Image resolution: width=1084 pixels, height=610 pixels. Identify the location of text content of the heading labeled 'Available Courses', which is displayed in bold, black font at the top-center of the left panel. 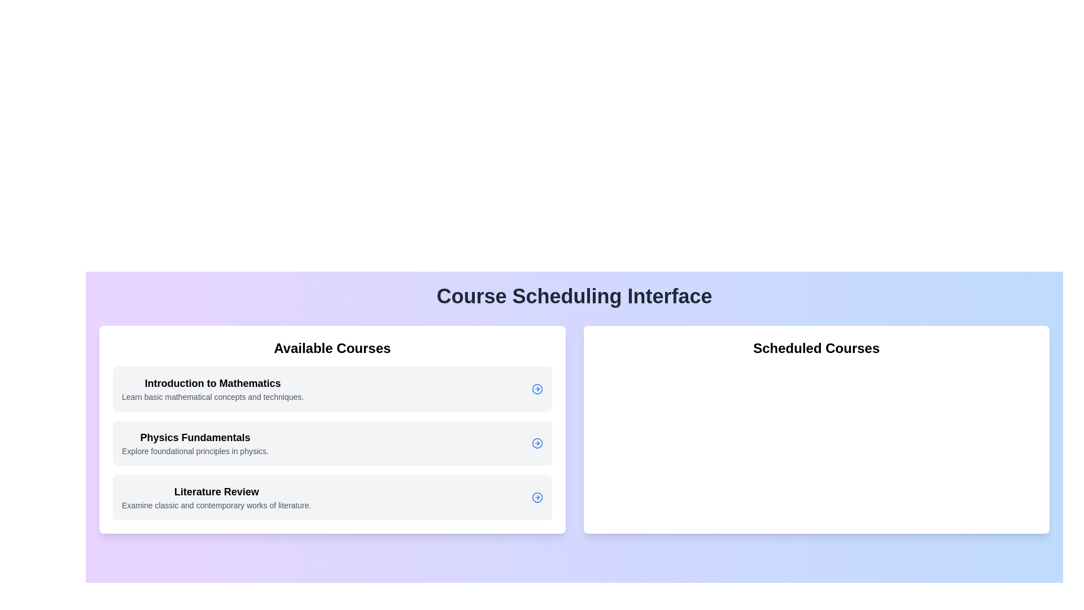
(331, 348).